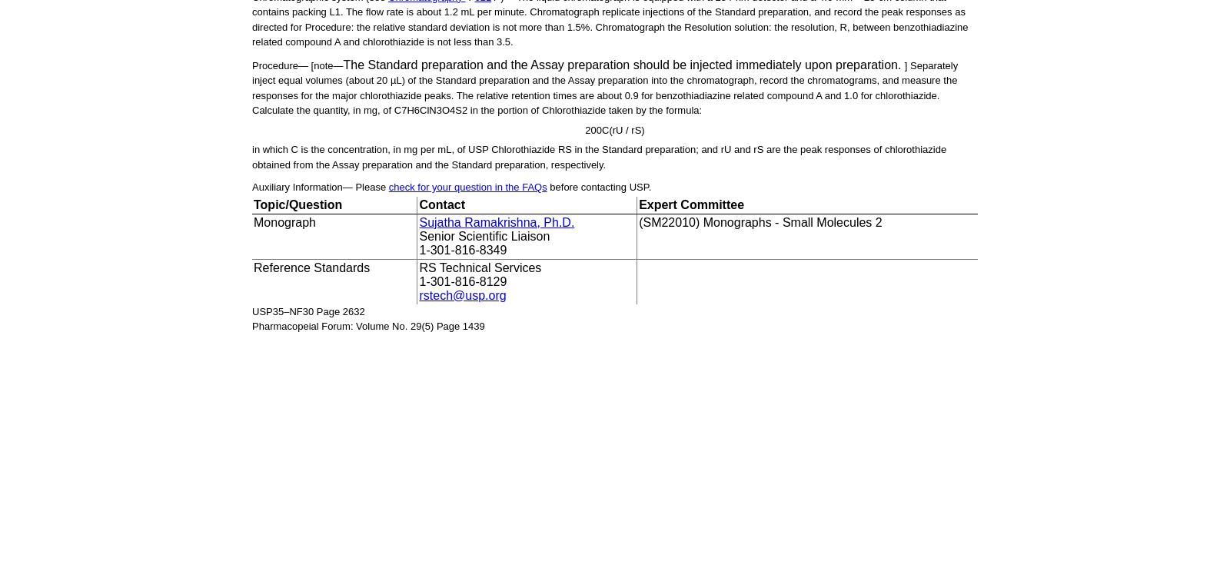  What do you see at coordinates (441, 204) in the screenshot?
I see `'Contact'` at bounding box center [441, 204].